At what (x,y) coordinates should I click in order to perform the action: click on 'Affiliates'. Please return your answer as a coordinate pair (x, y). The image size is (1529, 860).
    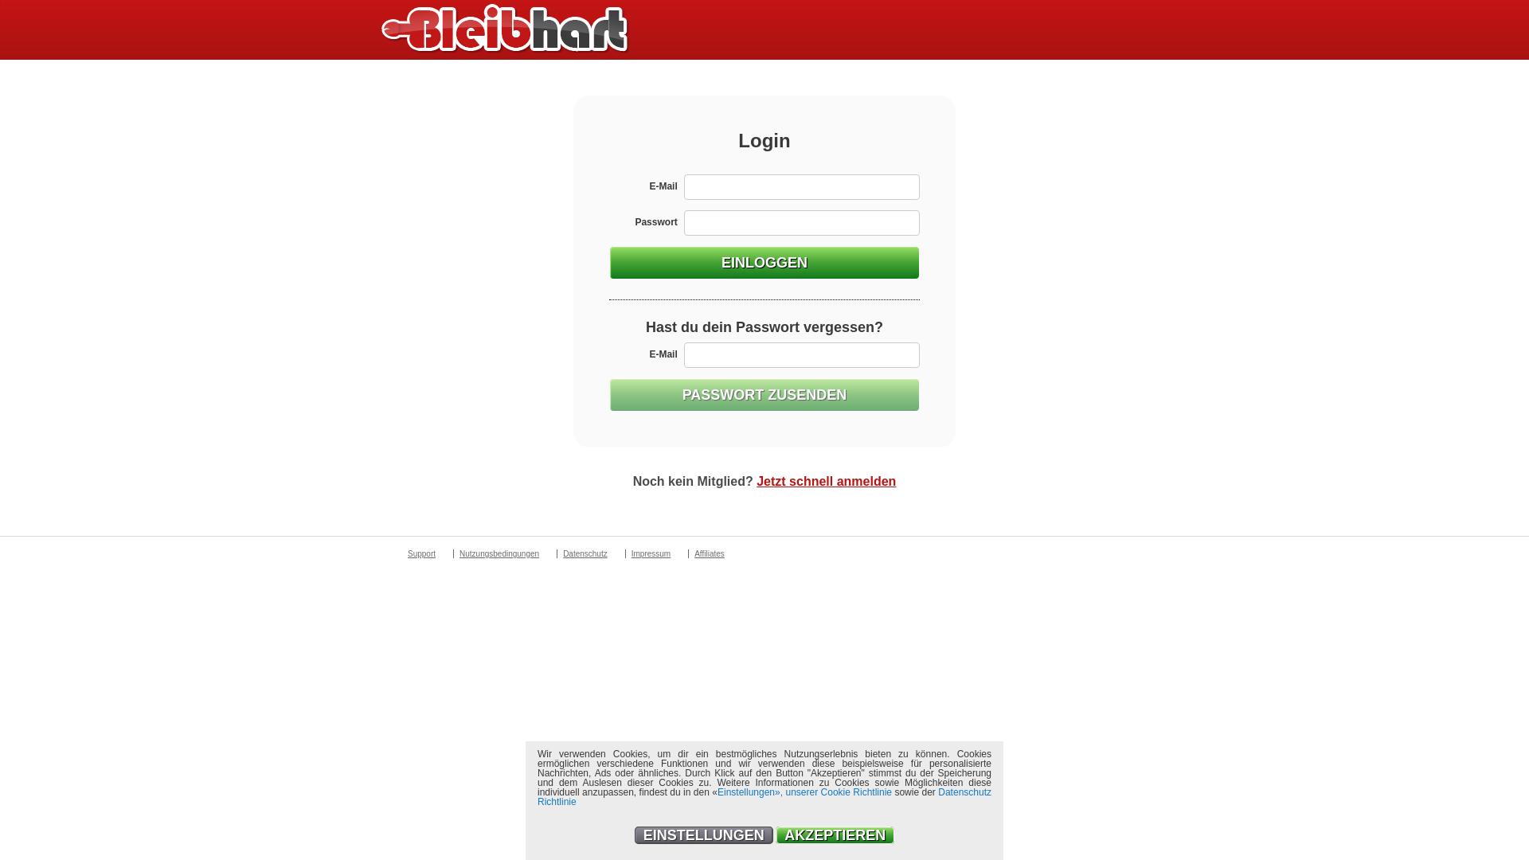
    Looking at the image, I should click on (688, 553).